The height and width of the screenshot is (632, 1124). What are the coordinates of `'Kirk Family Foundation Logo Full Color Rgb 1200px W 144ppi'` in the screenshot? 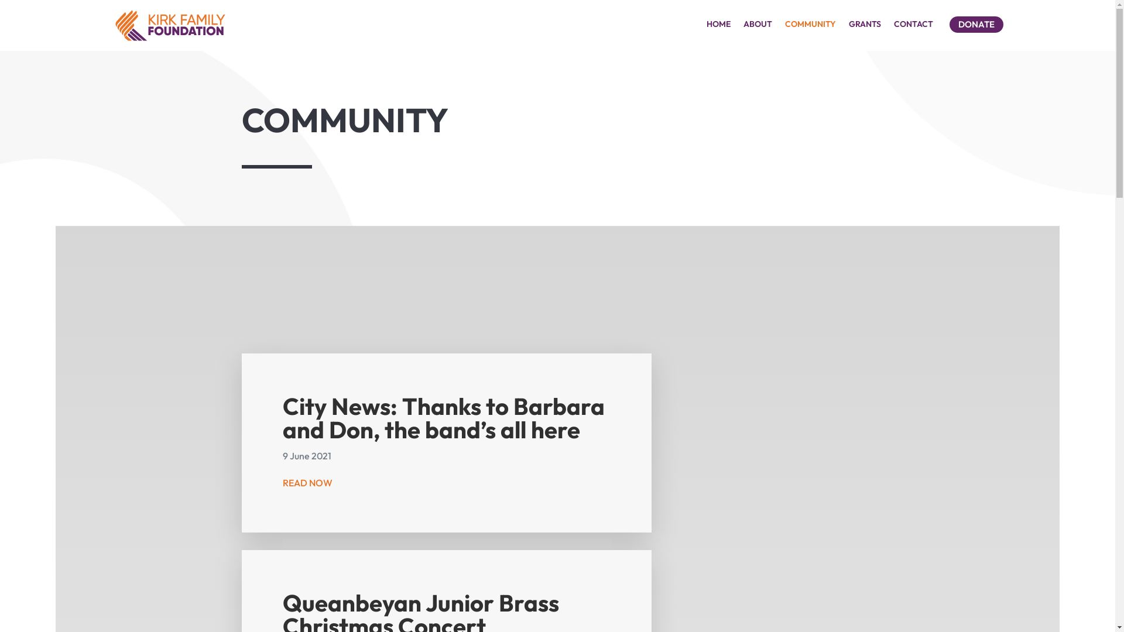 It's located at (169, 25).